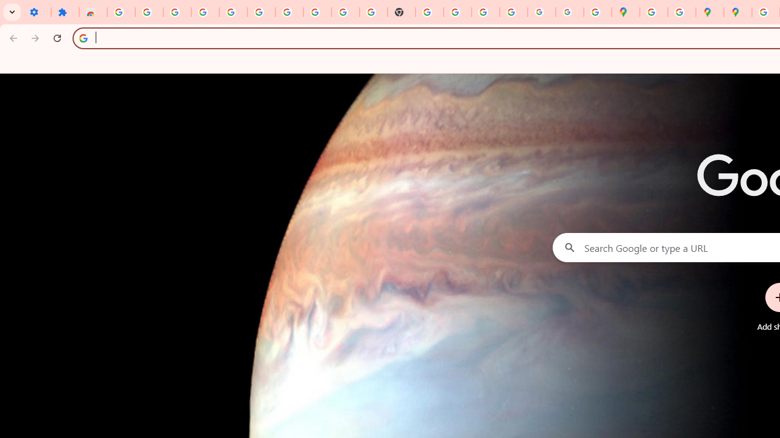  What do you see at coordinates (65, 12) in the screenshot?
I see `'Extensions'` at bounding box center [65, 12].